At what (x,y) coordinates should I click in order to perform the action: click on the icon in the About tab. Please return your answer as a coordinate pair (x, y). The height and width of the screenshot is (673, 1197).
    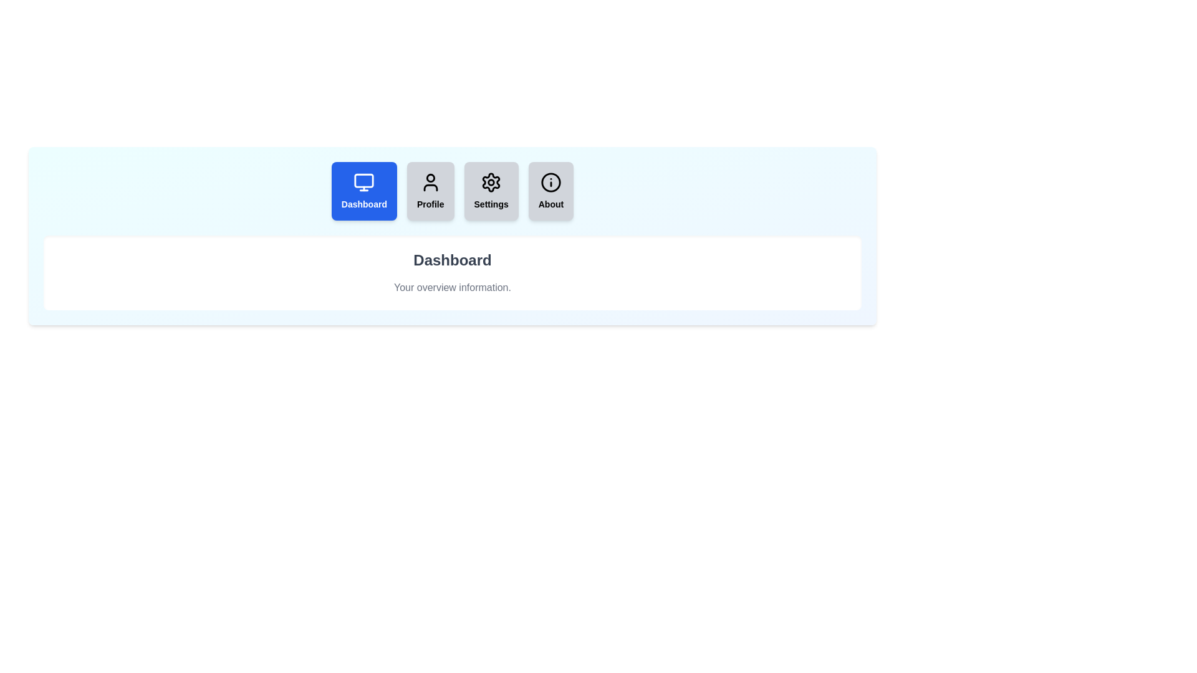
    Looking at the image, I should click on (550, 183).